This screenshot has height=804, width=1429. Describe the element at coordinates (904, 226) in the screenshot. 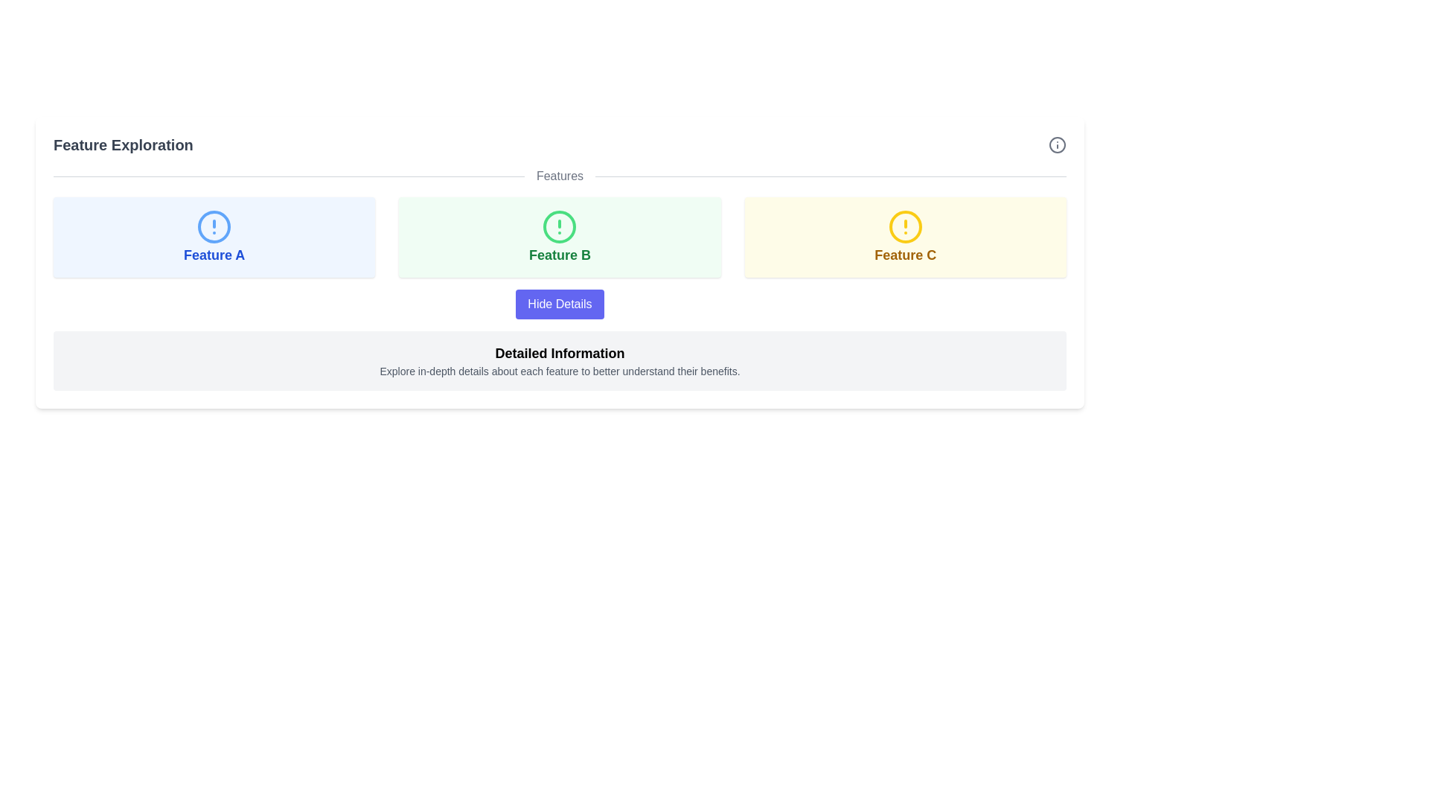

I see `the alert or notification icon located in the 'Feature C' section, which indicates important information or a warning` at that location.